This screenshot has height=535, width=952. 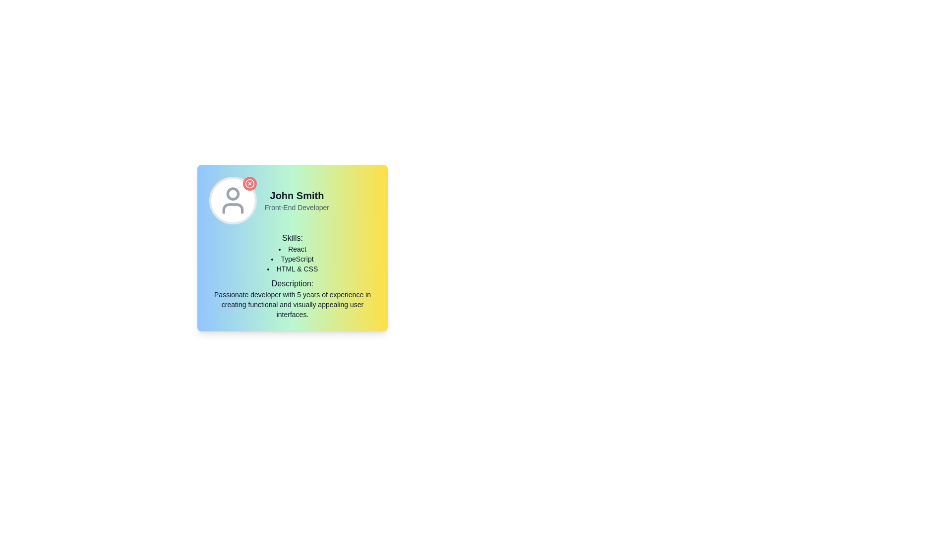 What do you see at coordinates (292, 304) in the screenshot?
I see `static text element that displays the description of the user, which states: 'Passionate developer with 5 years of experience in creating functional and visually appealing user interfaces.' This text is located beneath the 'Description:' label on the profile card interface` at bounding box center [292, 304].